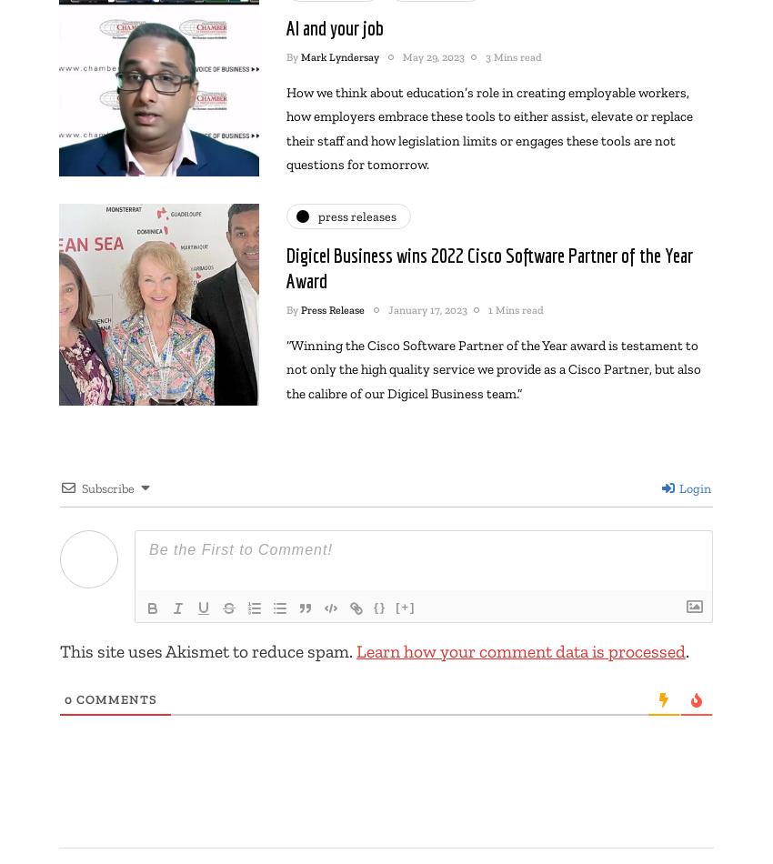 Image resolution: width=773 pixels, height=864 pixels. Describe the element at coordinates (114, 698) in the screenshot. I see `'Comments'` at that location.